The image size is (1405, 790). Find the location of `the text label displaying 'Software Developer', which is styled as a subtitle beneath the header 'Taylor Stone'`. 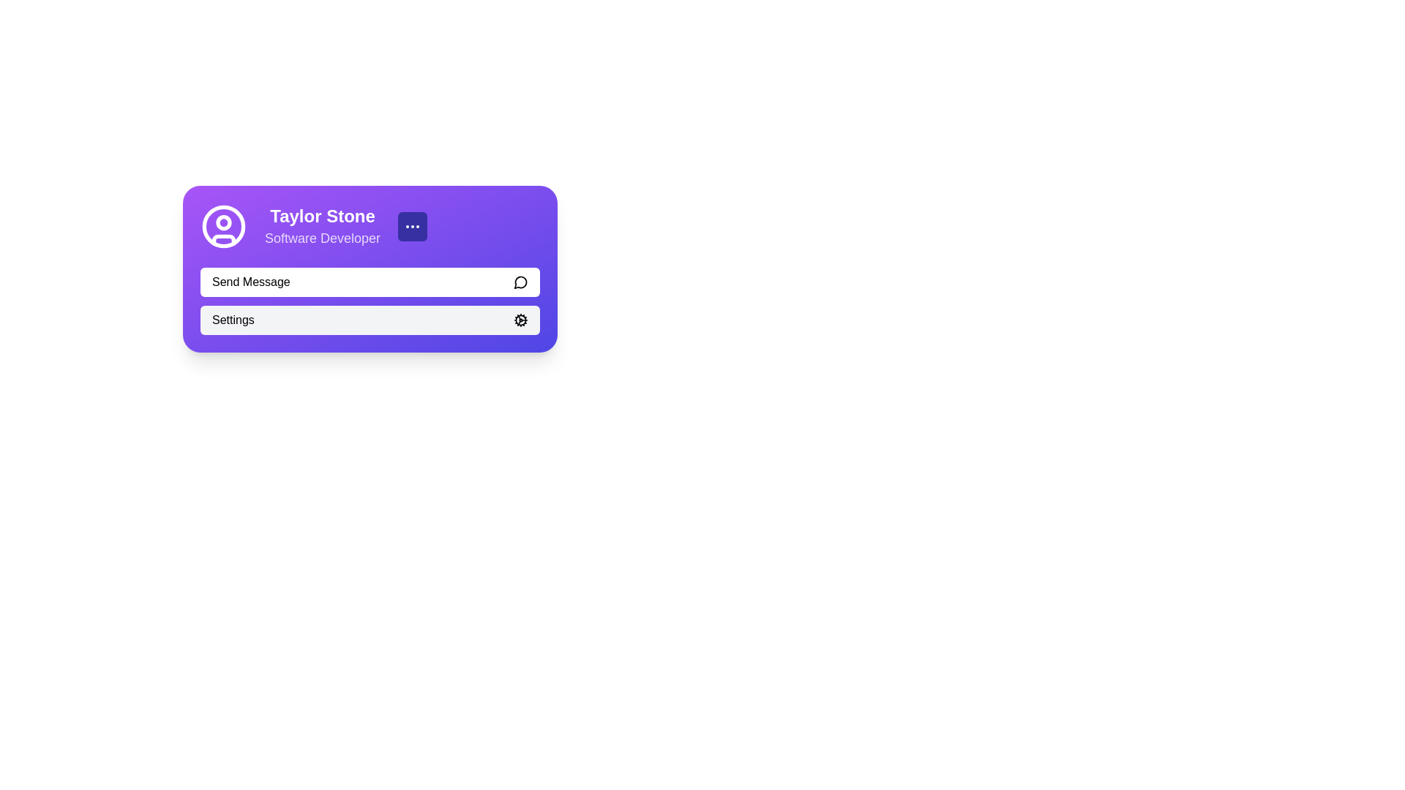

the text label displaying 'Software Developer', which is styled as a subtitle beneath the header 'Taylor Stone' is located at coordinates (322, 238).